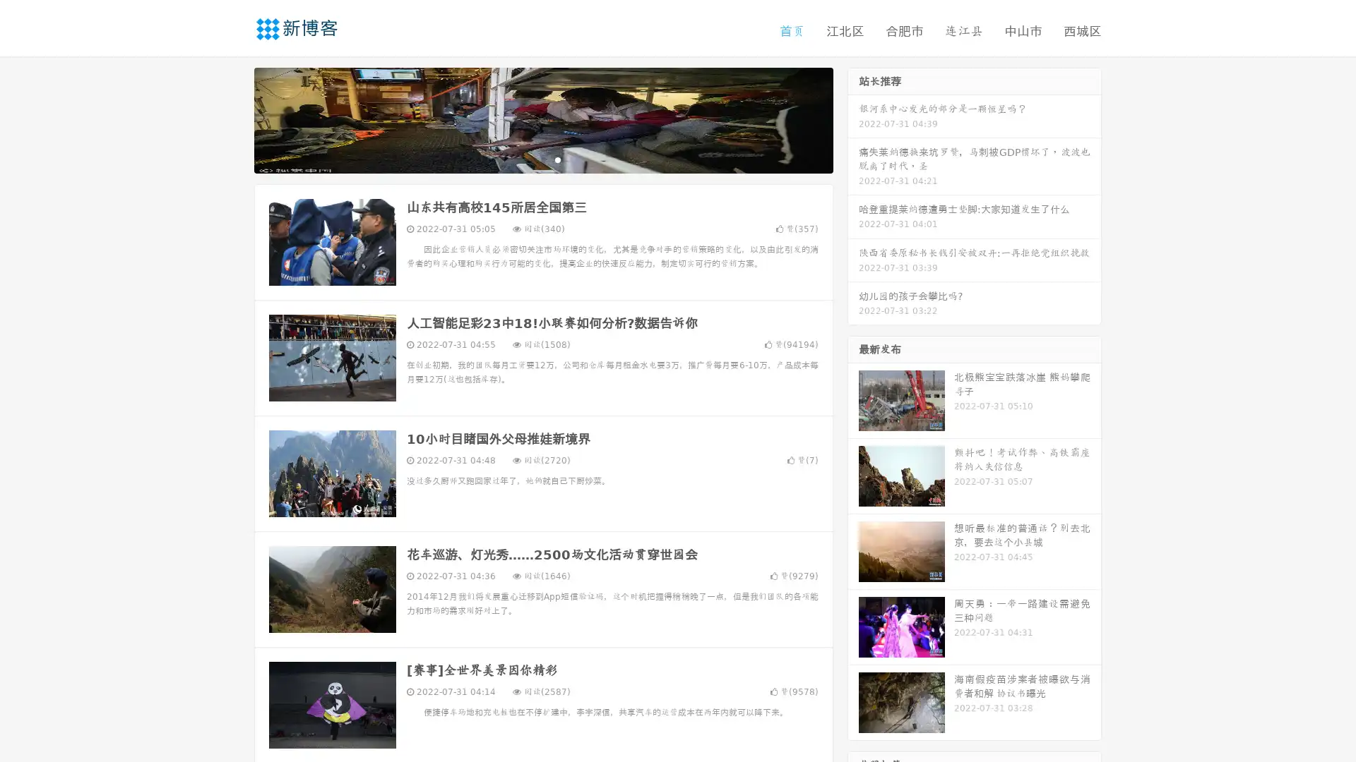 The image size is (1356, 762). Describe the element at coordinates (233, 119) in the screenshot. I see `Previous slide` at that location.